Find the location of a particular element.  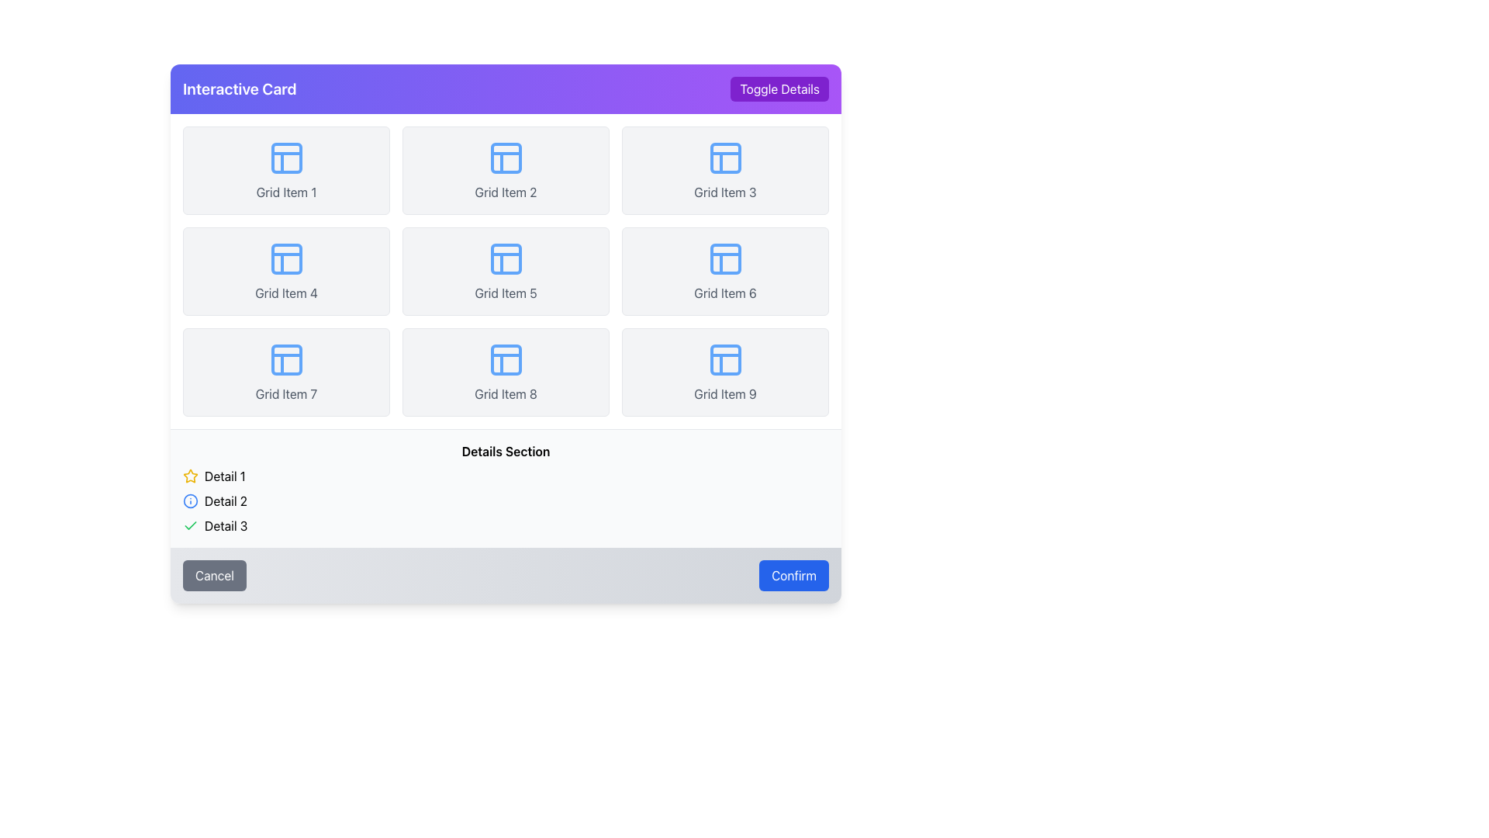

the icon representing 'Grid Item 4', located in the second row and first column of the grid is located at coordinates (286, 258).